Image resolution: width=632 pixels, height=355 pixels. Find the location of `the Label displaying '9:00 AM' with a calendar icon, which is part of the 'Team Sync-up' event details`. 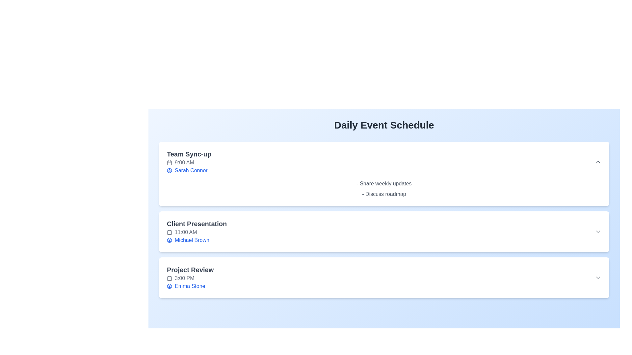

the Label displaying '9:00 AM' with a calendar icon, which is part of the 'Team Sync-up' event details is located at coordinates (189, 162).